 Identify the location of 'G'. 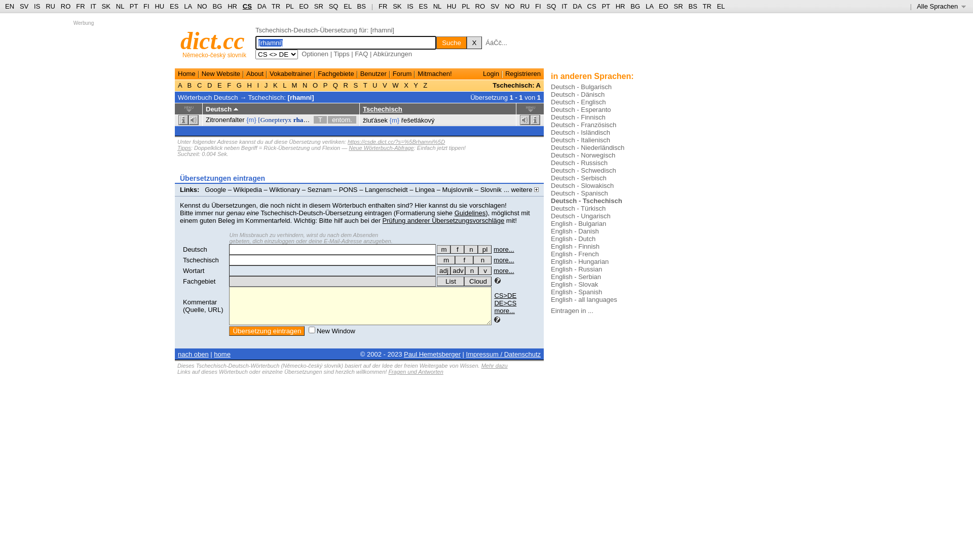
(234, 85).